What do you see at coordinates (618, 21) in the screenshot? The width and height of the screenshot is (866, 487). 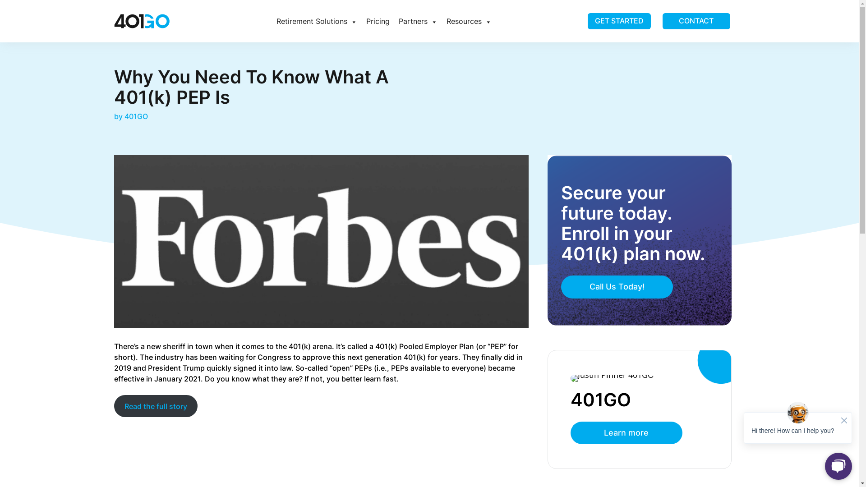 I see `'GET STARTED'` at bounding box center [618, 21].